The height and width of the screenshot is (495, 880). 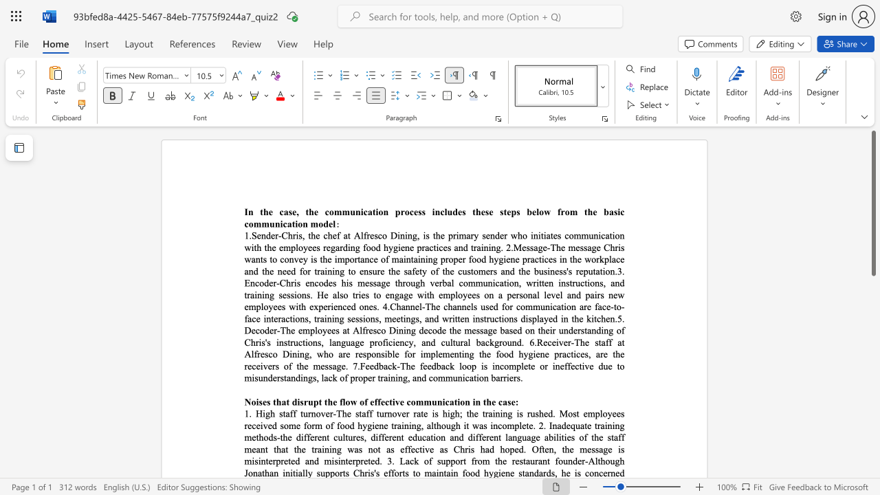 I want to click on the 3th character "o" in the text, so click(x=362, y=401).